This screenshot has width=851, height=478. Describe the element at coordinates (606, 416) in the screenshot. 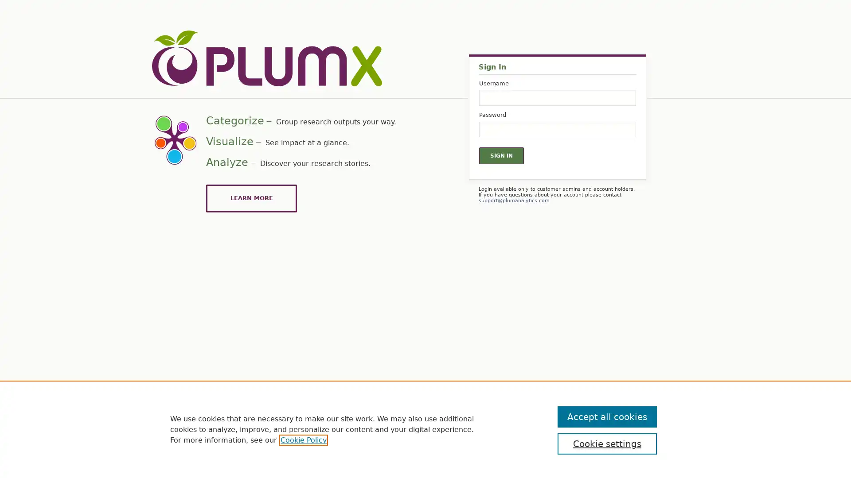

I see `Accept all cookies` at that location.